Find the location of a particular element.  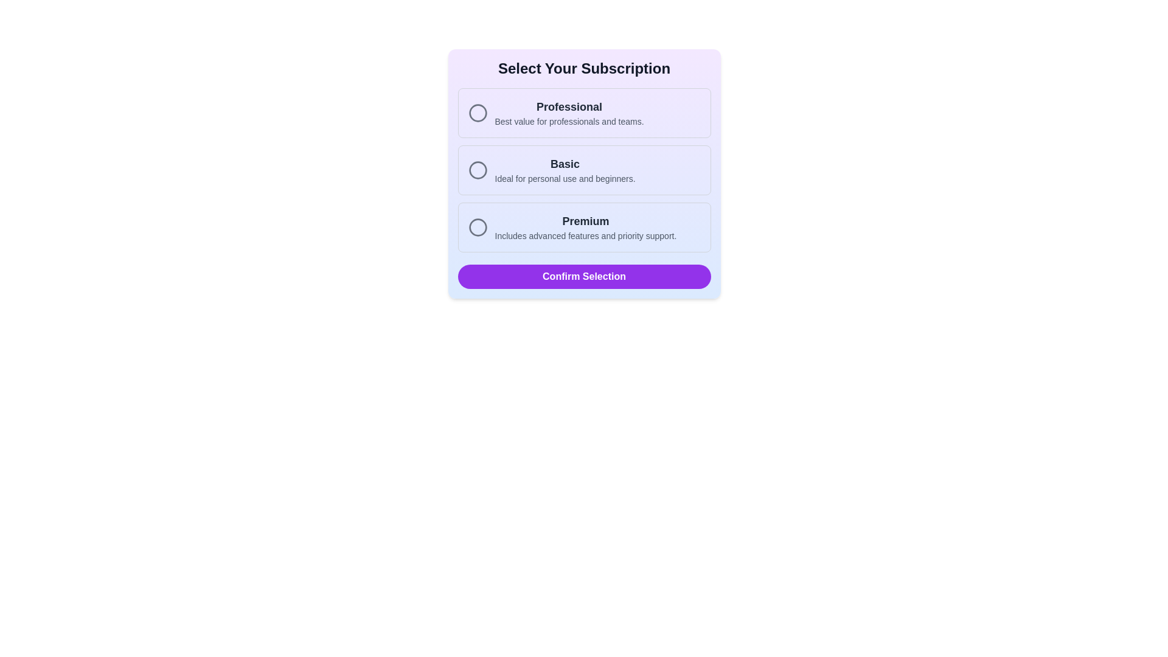

the 'Confirm Selection' button with a purple background and white text located at the bottom of the subscription options card to confirm the selection is located at coordinates (584, 277).